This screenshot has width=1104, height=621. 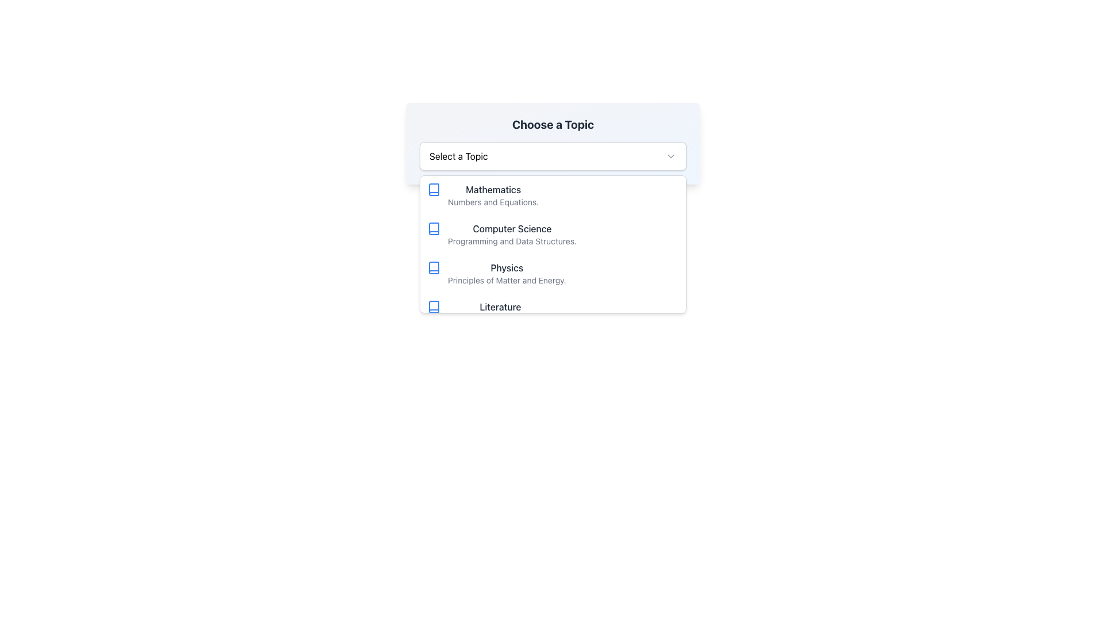 What do you see at coordinates (512, 234) in the screenshot?
I see `the 'Computer Science' text block, which is the second selectable item in the list of topics` at bounding box center [512, 234].